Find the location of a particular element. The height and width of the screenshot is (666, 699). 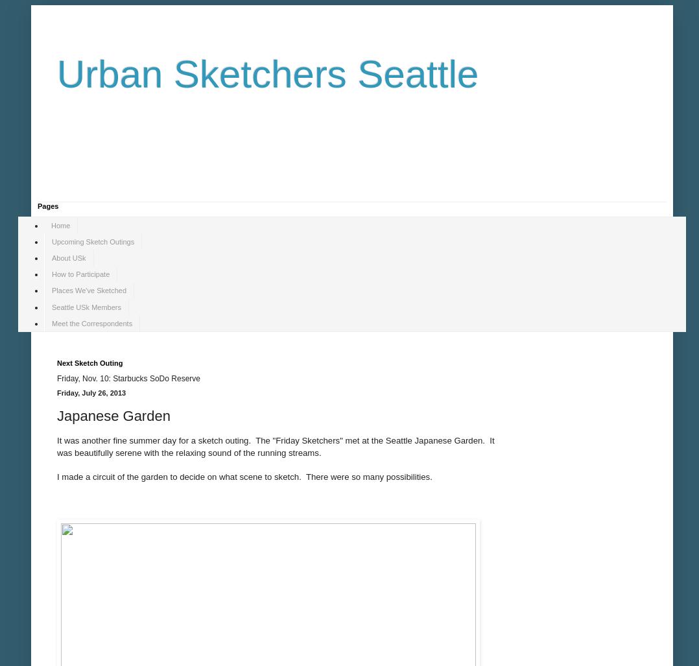

'How to Participate' is located at coordinates (80, 274).